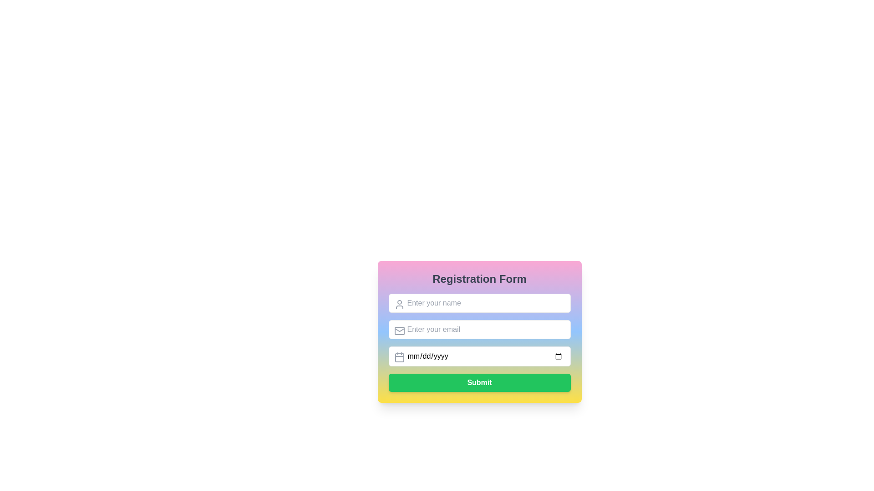 Image resolution: width=874 pixels, height=491 pixels. Describe the element at coordinates (399, 305) in the screenshot. I see `the icon that visually represents the purpose of the adjacent input field labeled 'Enter your name'` at that location.